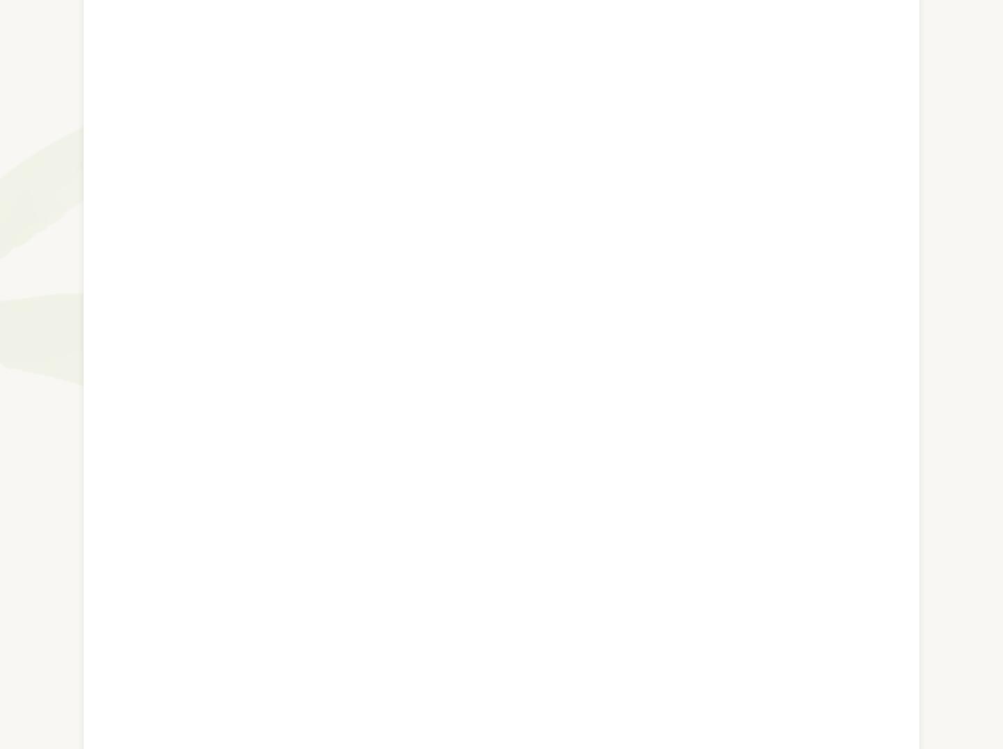 The height and width of the screenshot is (749, 1003). What do you see at coordinates (155, 605) in the screenshot?
I see `'Ryan N'` at bounding box center [155, 605].